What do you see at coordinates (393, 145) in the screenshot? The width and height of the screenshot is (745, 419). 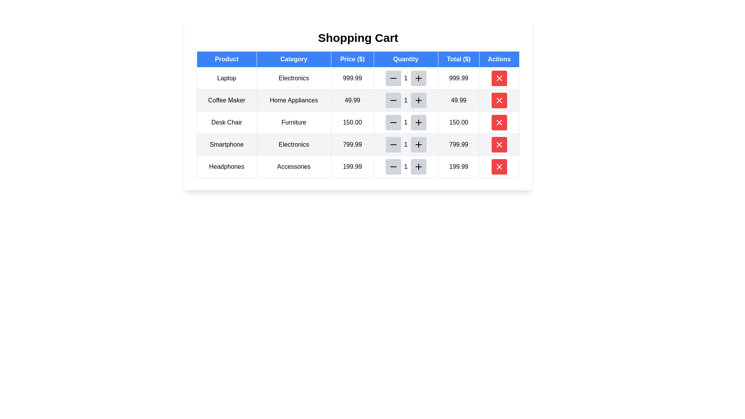 I see `the minus icon in the 'Quantity' column of the shopping cart interface to reduce the quantity of the Smartphone item` at bounding box center [393, 145].